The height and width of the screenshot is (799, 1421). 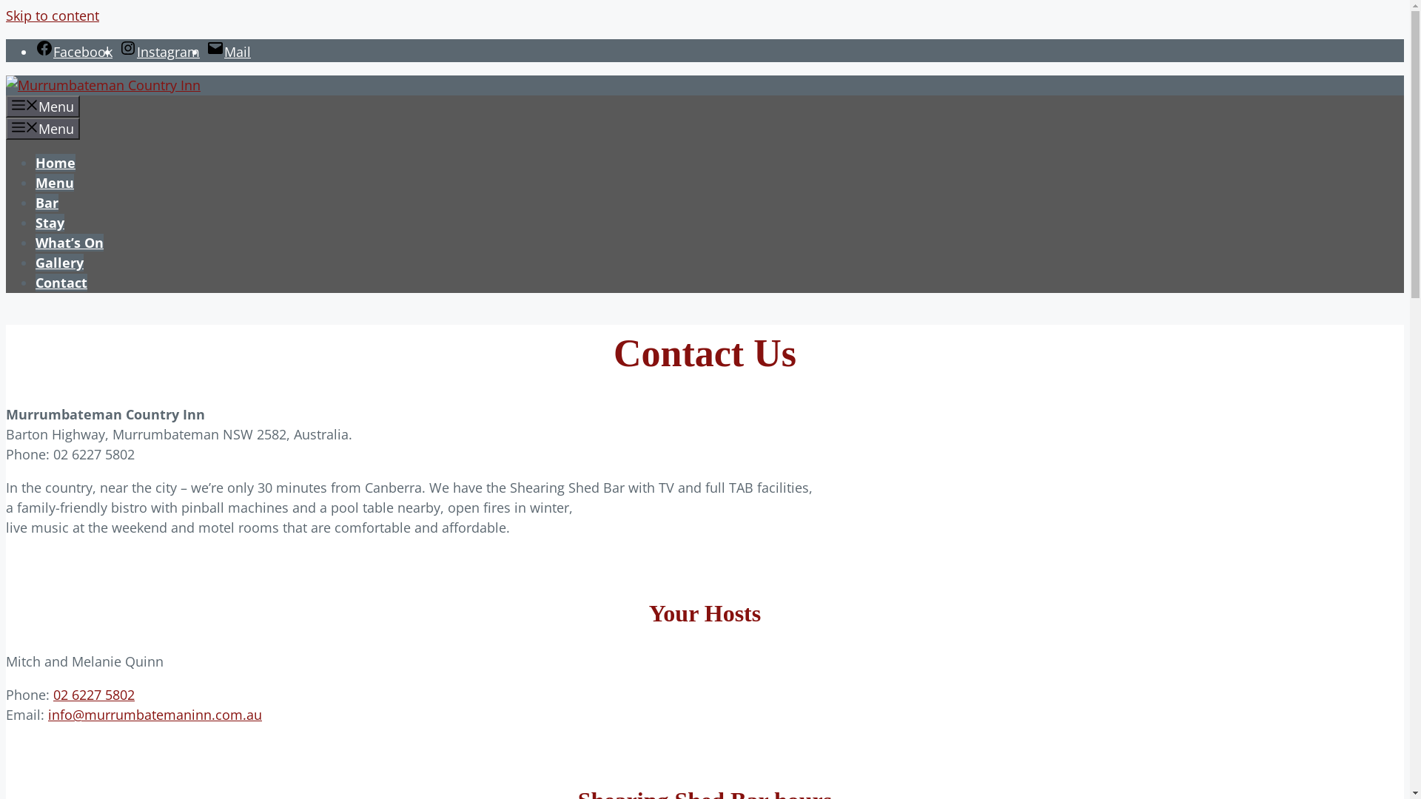 I want to click on 'Instagram', so click(x=119, y=50).